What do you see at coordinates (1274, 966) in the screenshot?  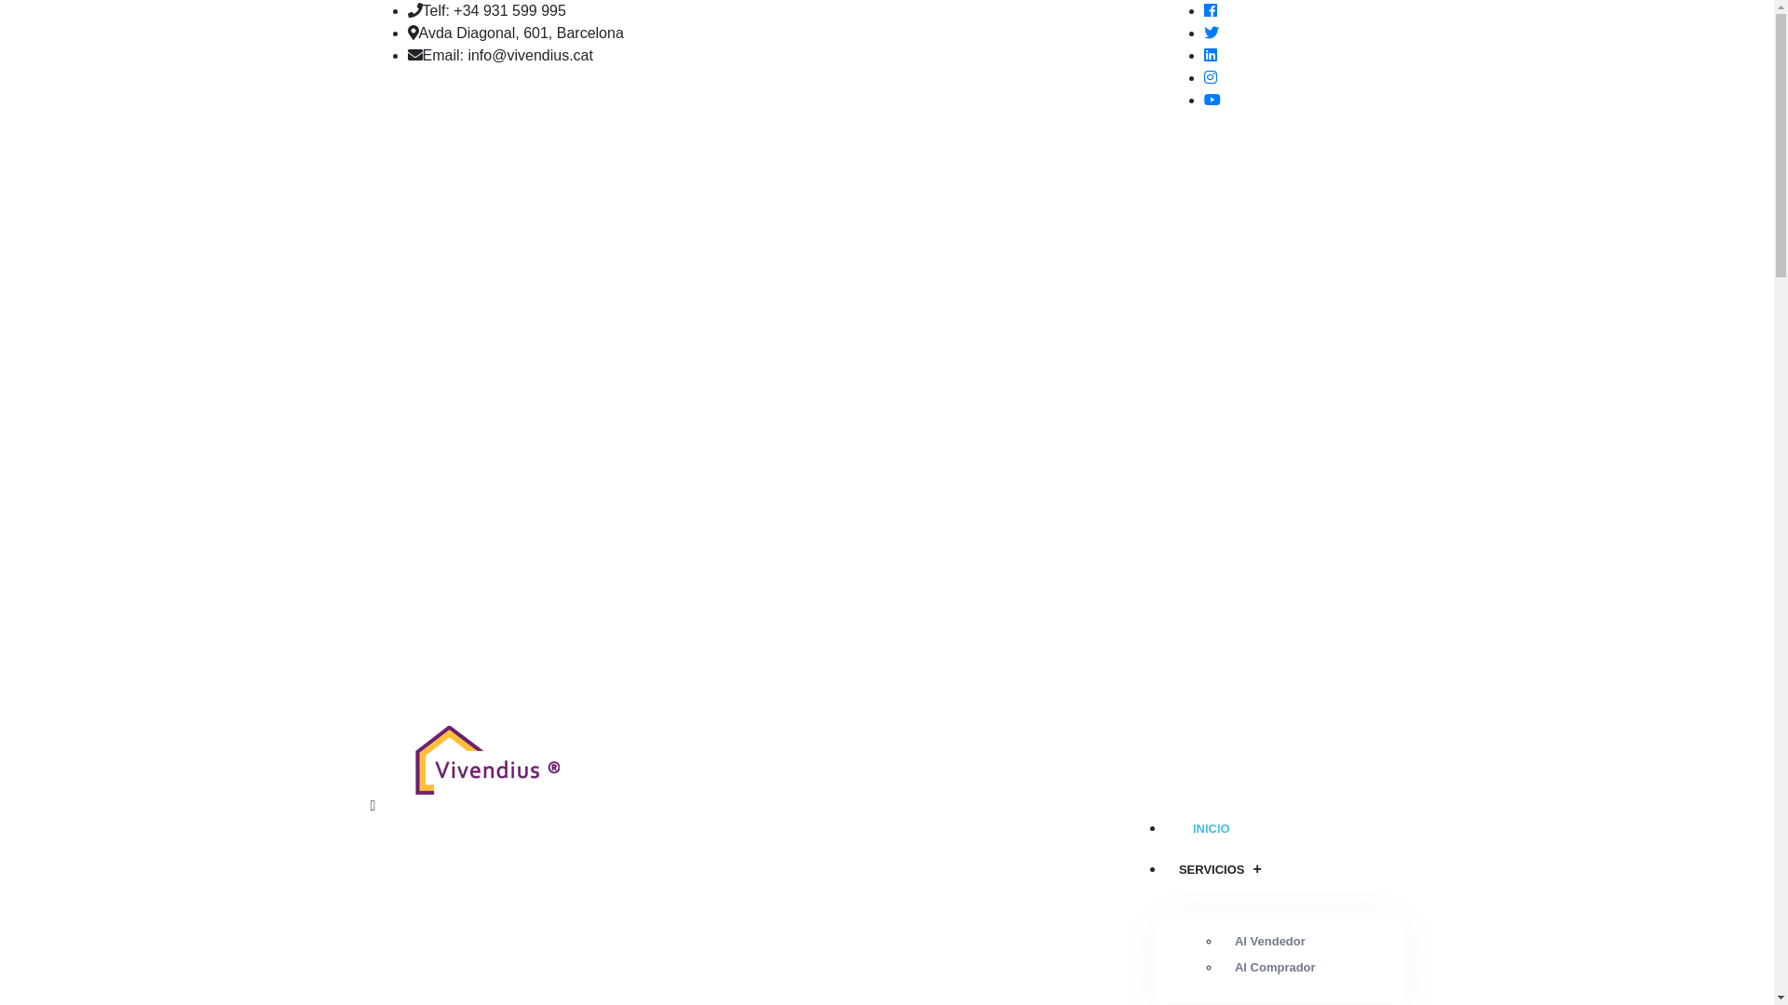 I see `'Al Comprador'` at bounding box center [1274, 966].